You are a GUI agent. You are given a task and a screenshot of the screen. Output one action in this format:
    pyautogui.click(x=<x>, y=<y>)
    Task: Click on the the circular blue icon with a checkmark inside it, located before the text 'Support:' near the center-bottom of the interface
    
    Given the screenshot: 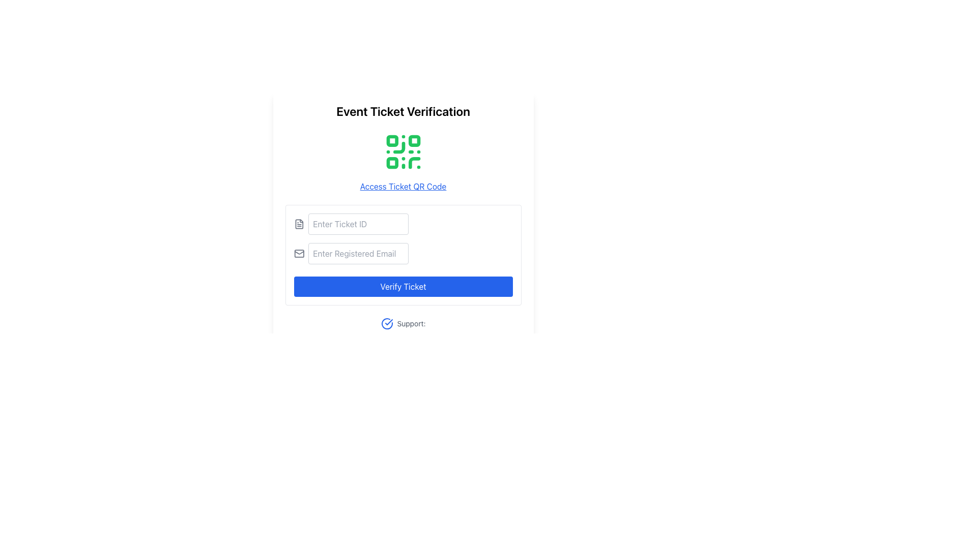 What is the action you would take?
    pyautogui.click(x=386, y=323)
    